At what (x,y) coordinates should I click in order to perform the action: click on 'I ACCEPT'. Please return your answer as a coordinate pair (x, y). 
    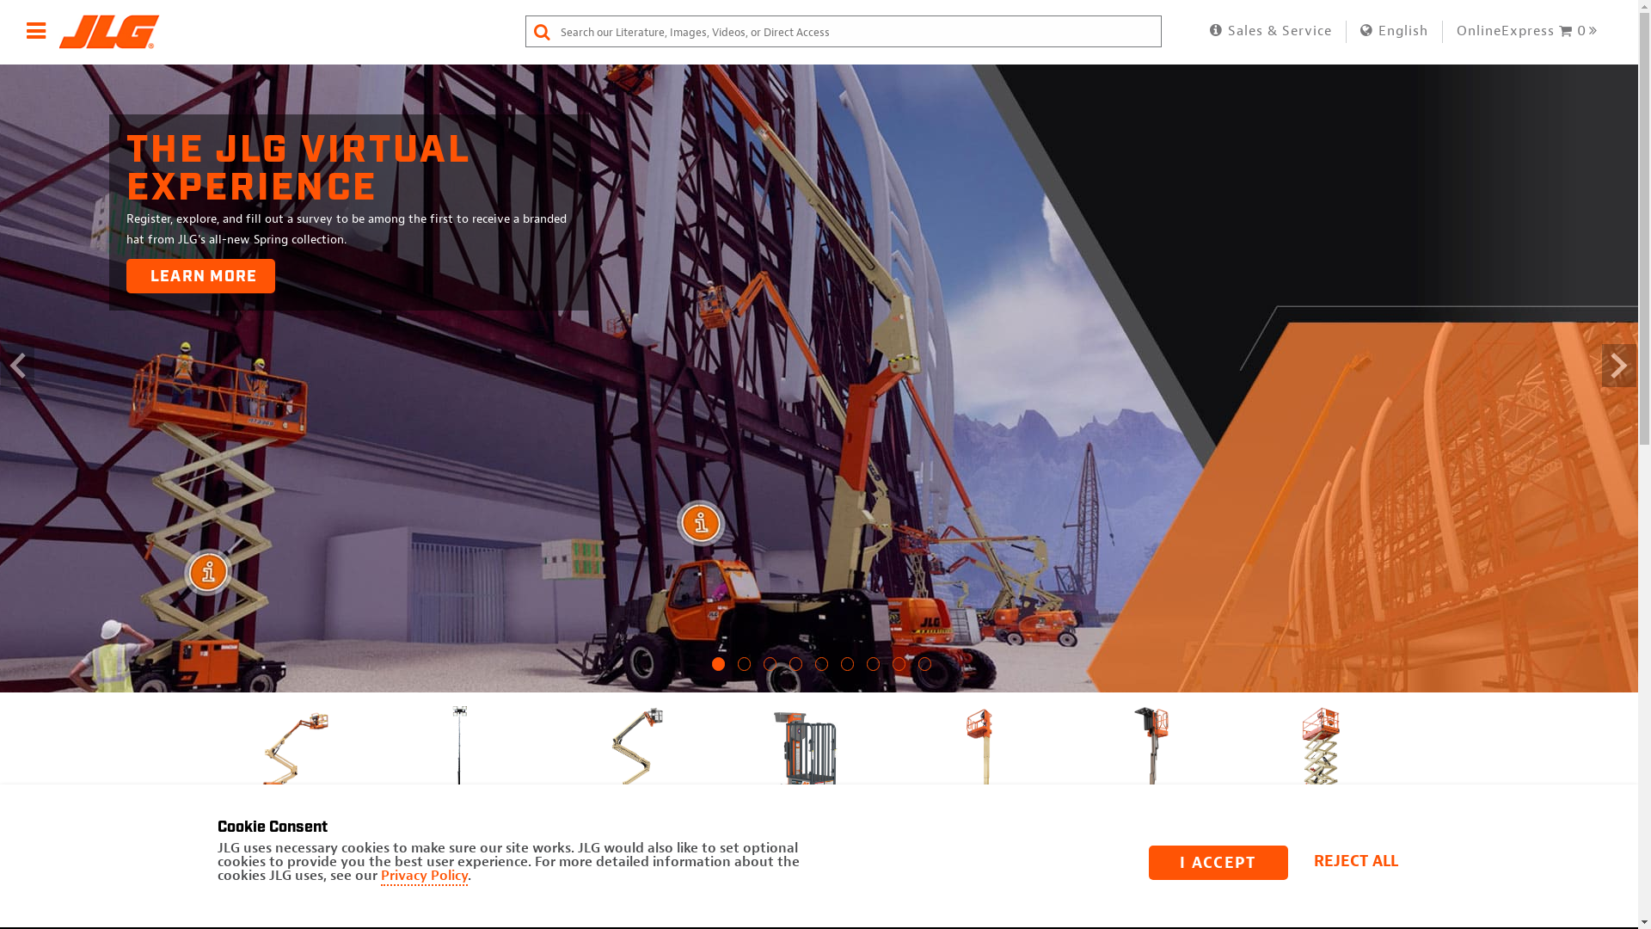
    Looking at the image, I should click on (1217, 862).